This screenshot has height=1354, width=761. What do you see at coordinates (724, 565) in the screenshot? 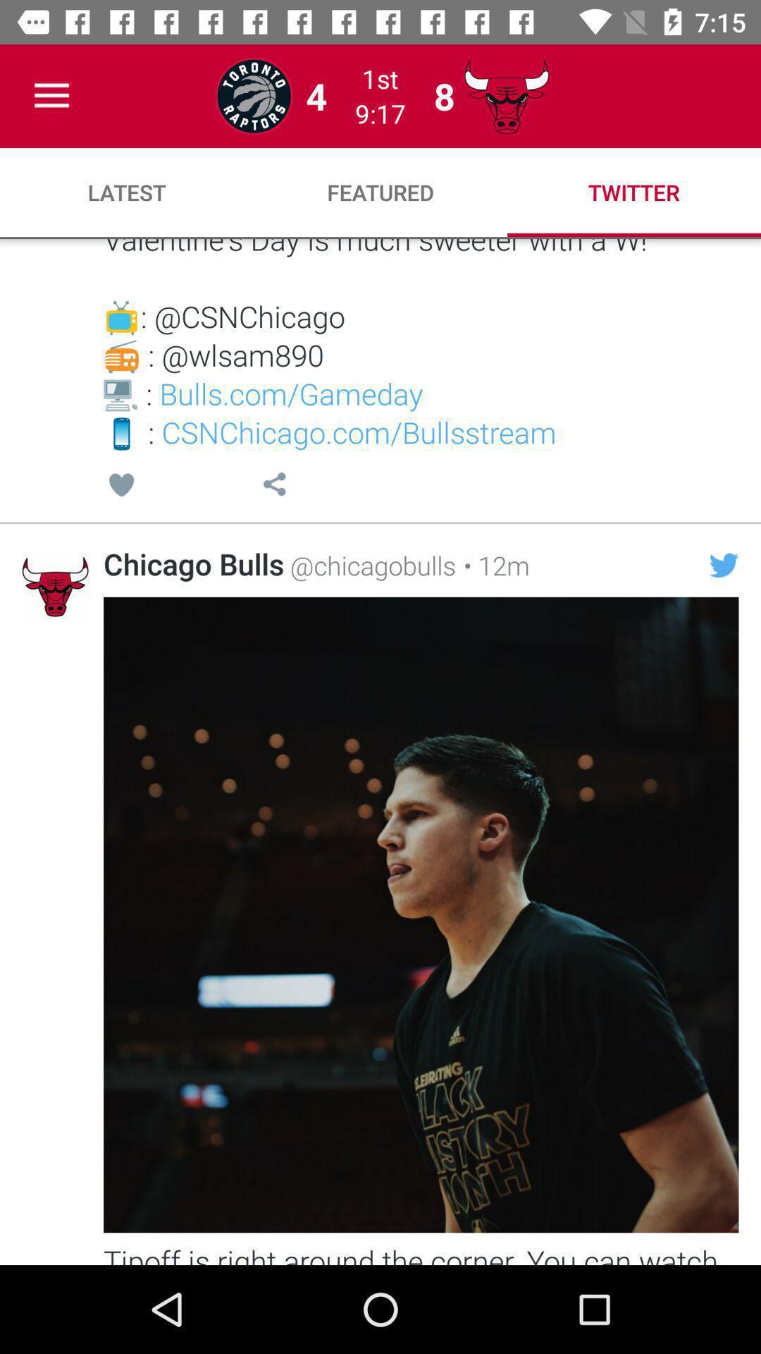
I see `the icon below the valentine s day` at bounding box center [724, 565].